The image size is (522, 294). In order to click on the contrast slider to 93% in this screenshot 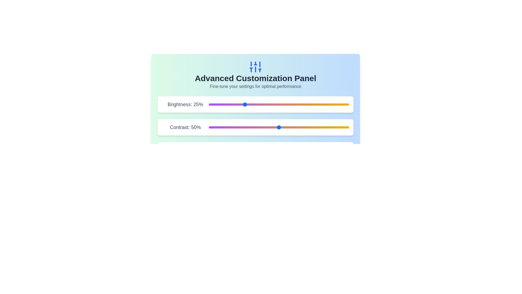, I will do `click(339, 127)`.